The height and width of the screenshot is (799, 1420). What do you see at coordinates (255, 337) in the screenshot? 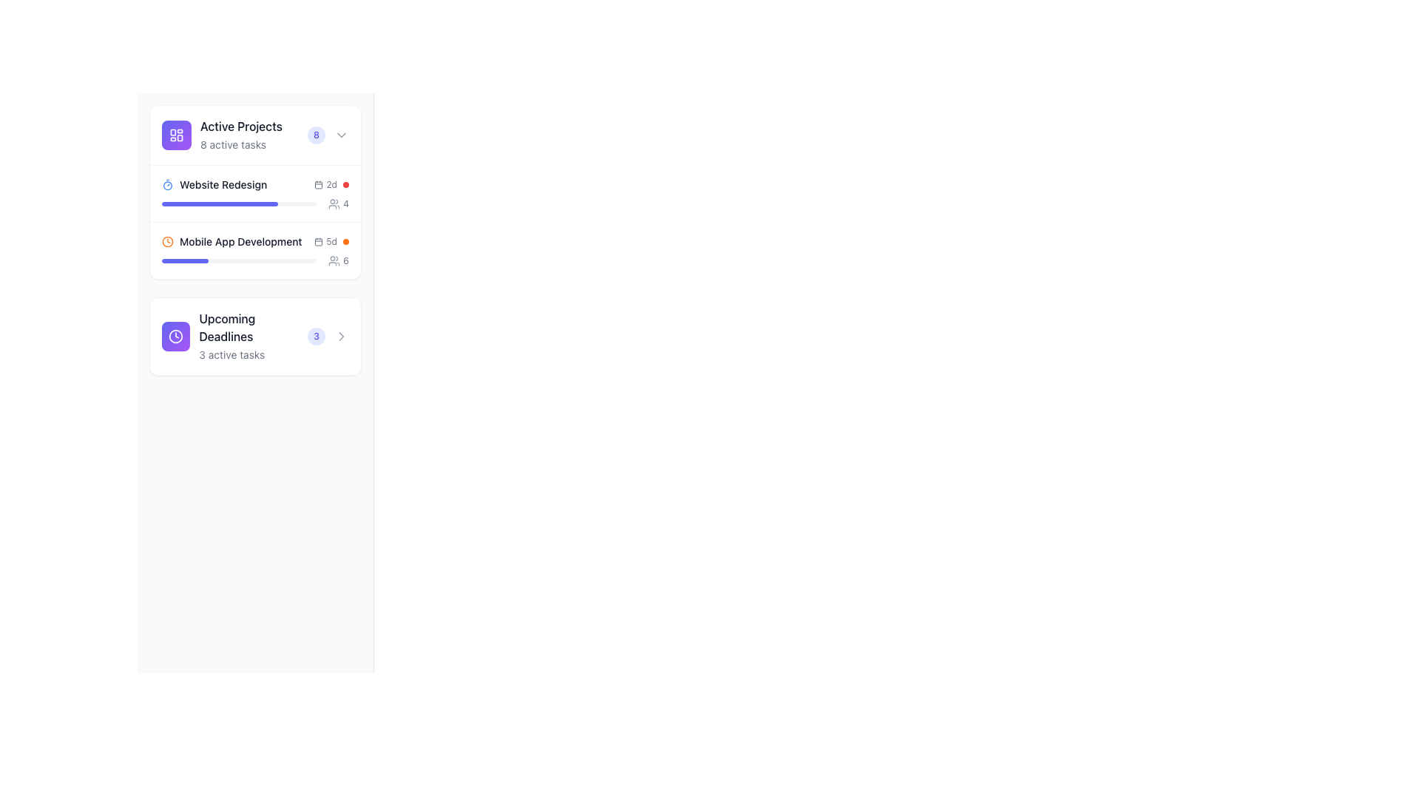
I see `the Overview card located in the Active Projects section, specifically the third card at the bottom of the list` at bounding box center [255, 337].